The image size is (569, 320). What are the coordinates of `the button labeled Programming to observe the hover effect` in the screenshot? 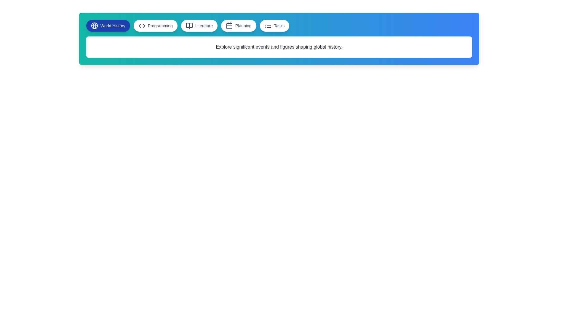 It's located at (155, 25).